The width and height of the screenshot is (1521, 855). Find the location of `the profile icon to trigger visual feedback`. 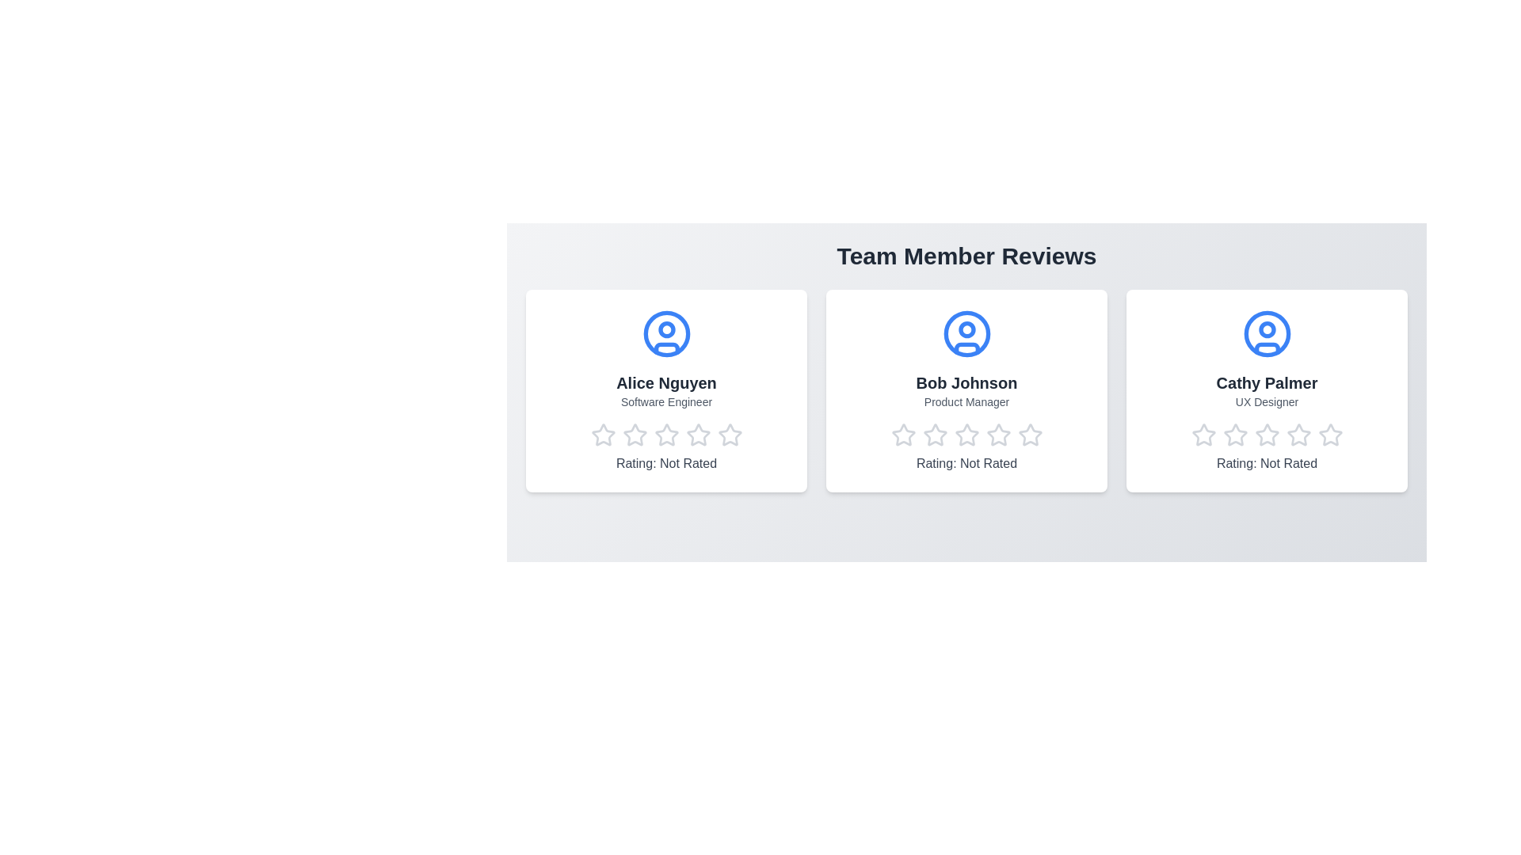

the profile icon to trigger visual feedback is located at coordinates (666, 332).